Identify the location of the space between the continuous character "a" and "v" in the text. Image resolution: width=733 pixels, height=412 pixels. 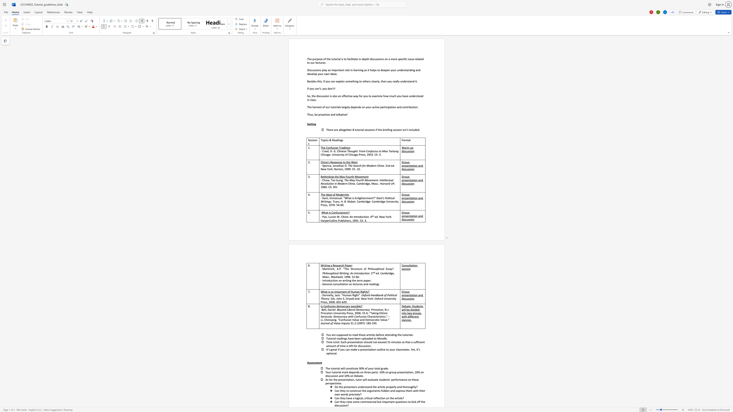
(405, 96).